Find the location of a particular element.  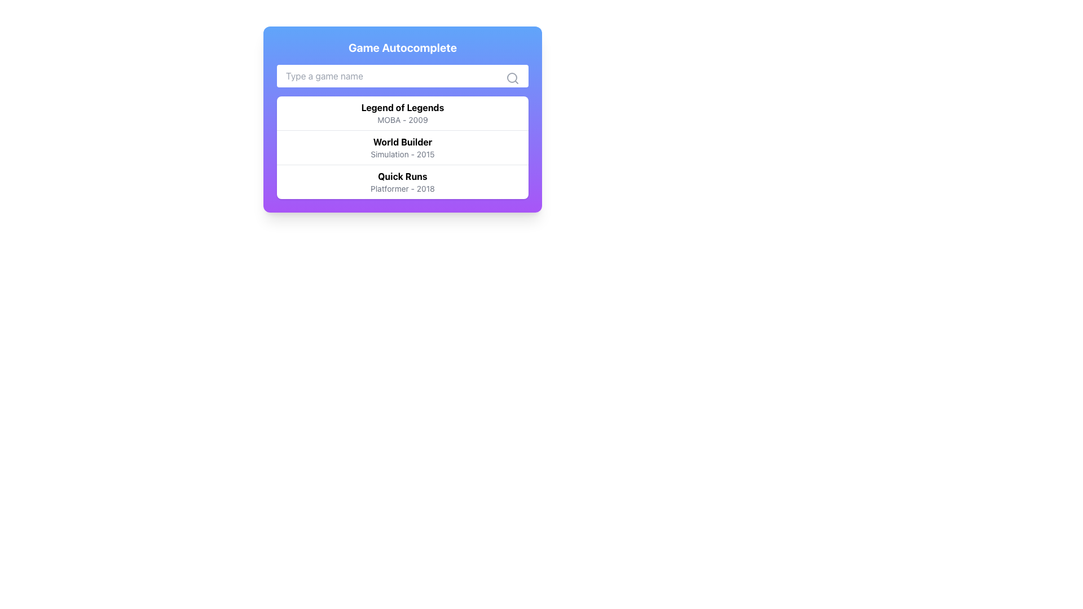

the magnifying glass icon, which signifies the search functionality is located at coordinates (512, 77).